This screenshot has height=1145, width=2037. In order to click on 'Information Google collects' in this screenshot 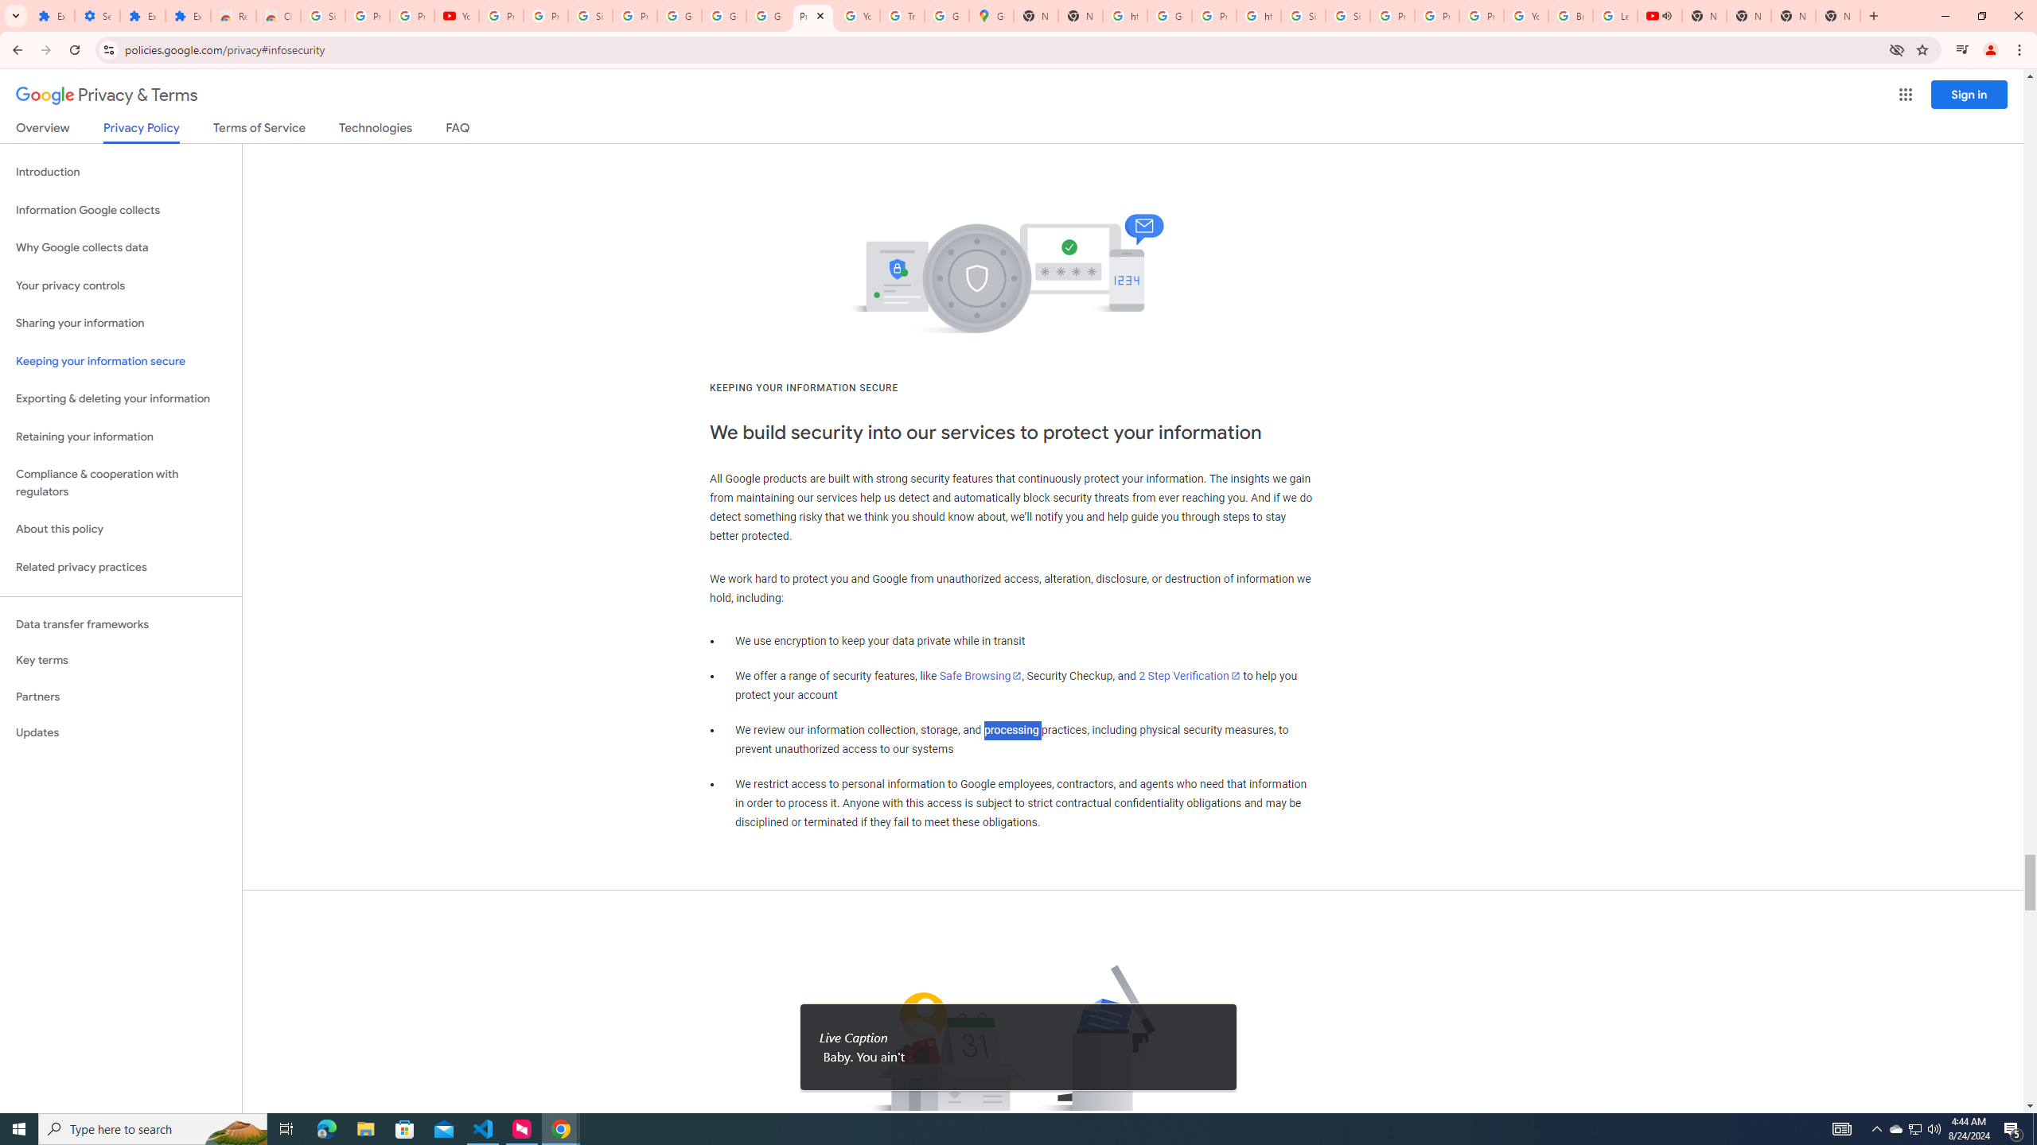, I will do `click(120, 210)`.